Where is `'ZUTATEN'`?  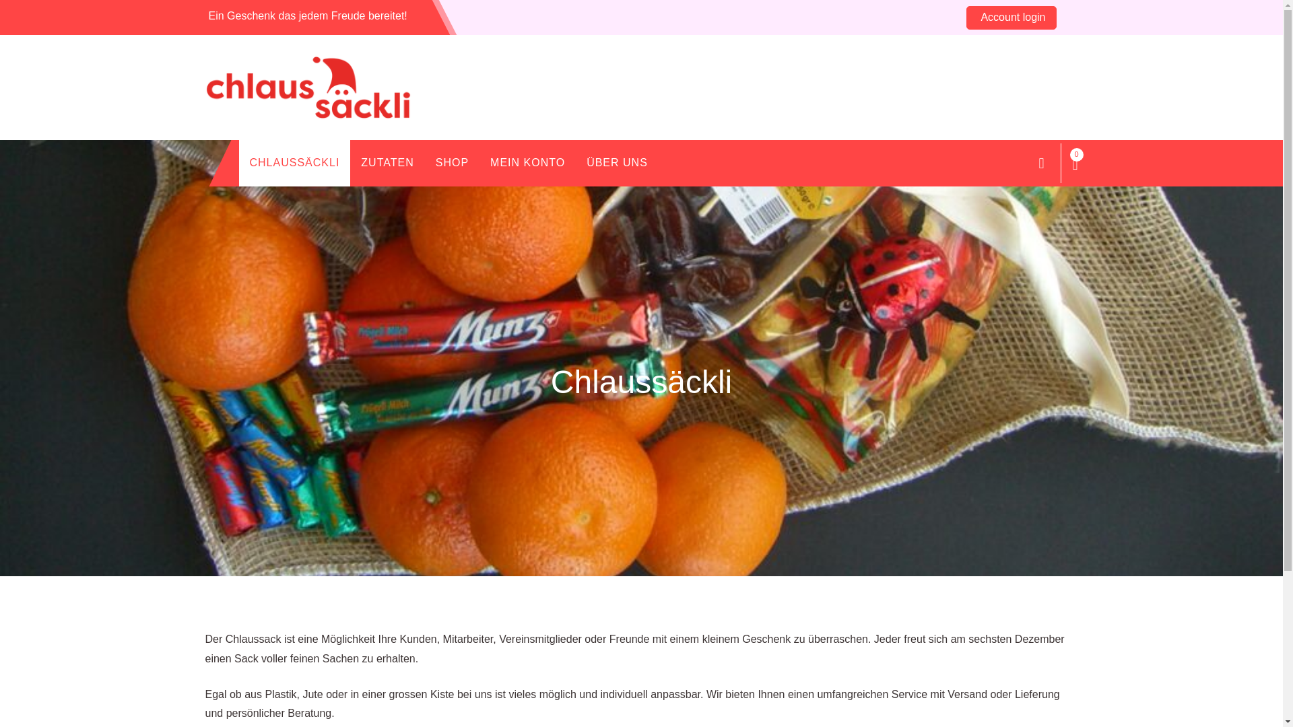
'ZUTATEN' is located at coordinates (350, 162).